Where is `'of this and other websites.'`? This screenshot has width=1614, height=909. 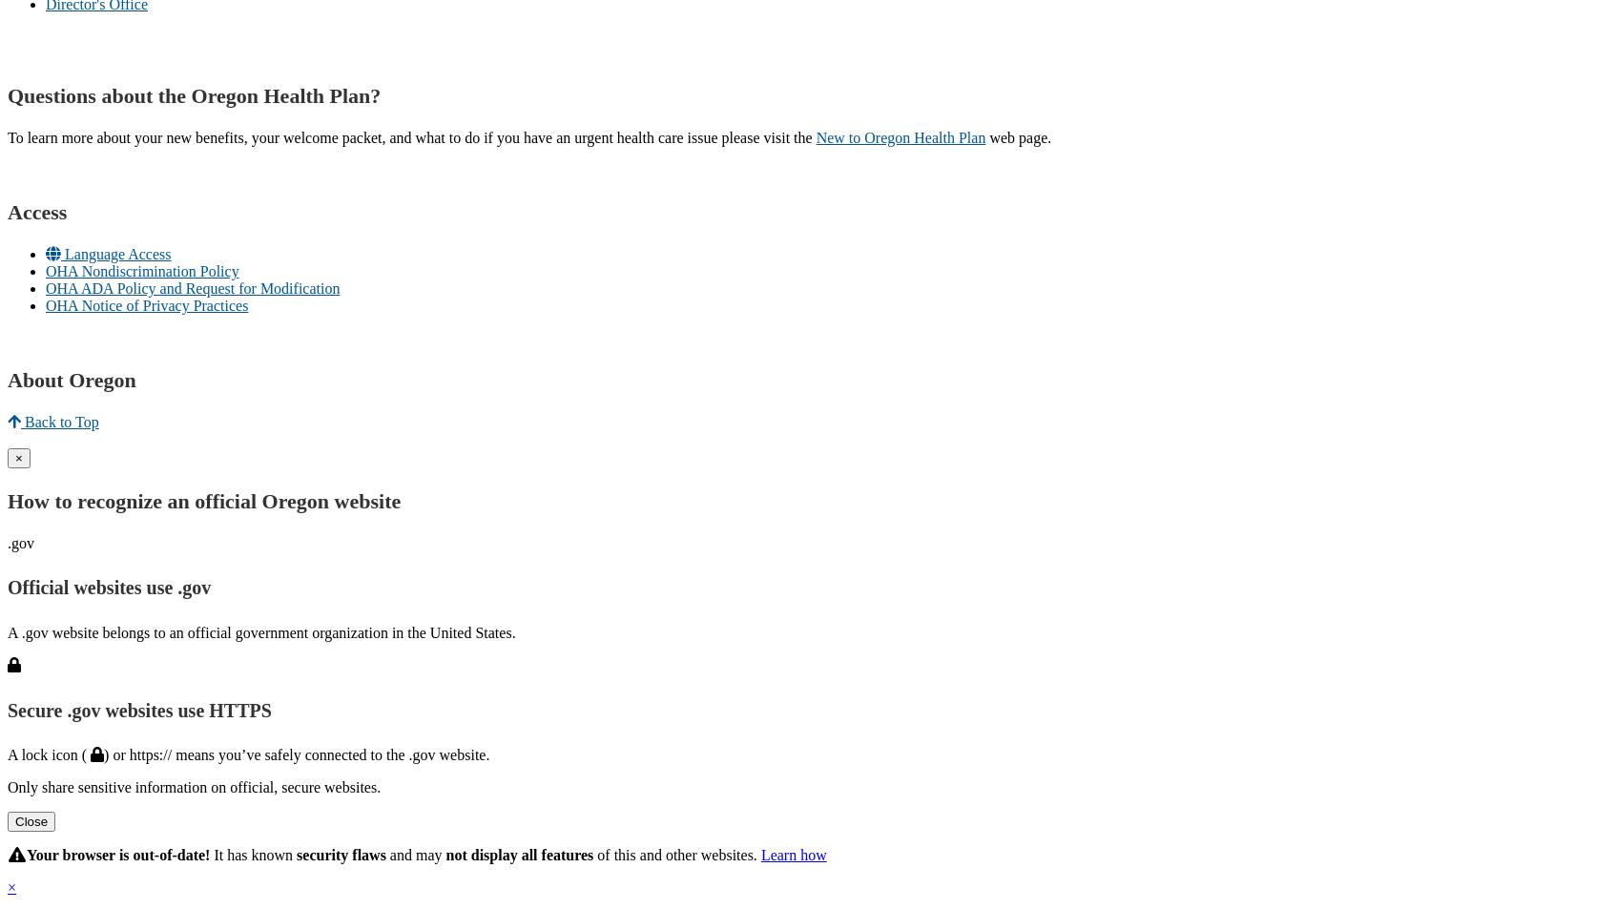 'of this and other websites.' is located at coordinates (675, 855).